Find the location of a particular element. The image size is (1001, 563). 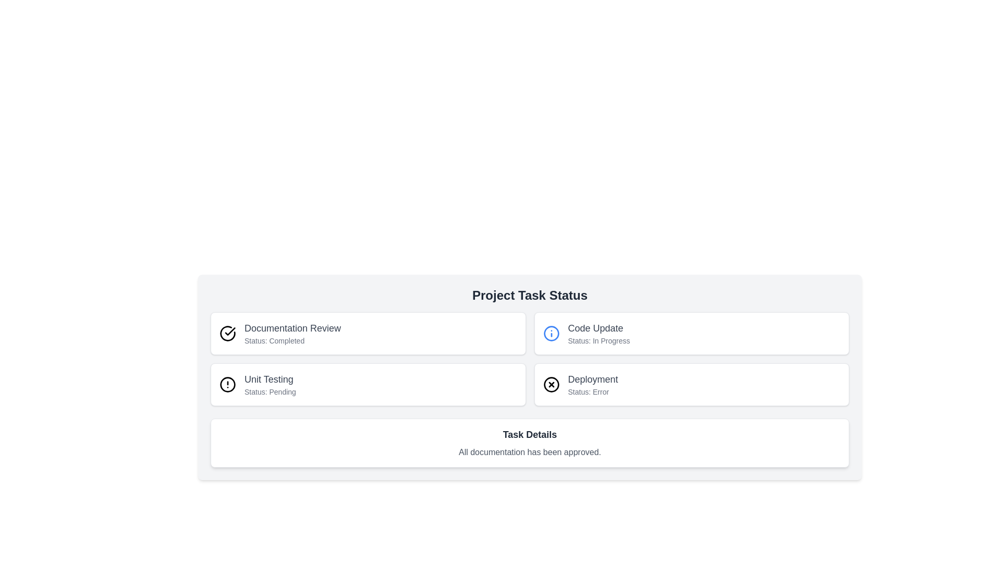

the status indicator icon located at the top-left corner of the 'Documentation Review' card, adjacent to the text 'Documentation Review Status: Completed.' is located at coordinates (227, 334).